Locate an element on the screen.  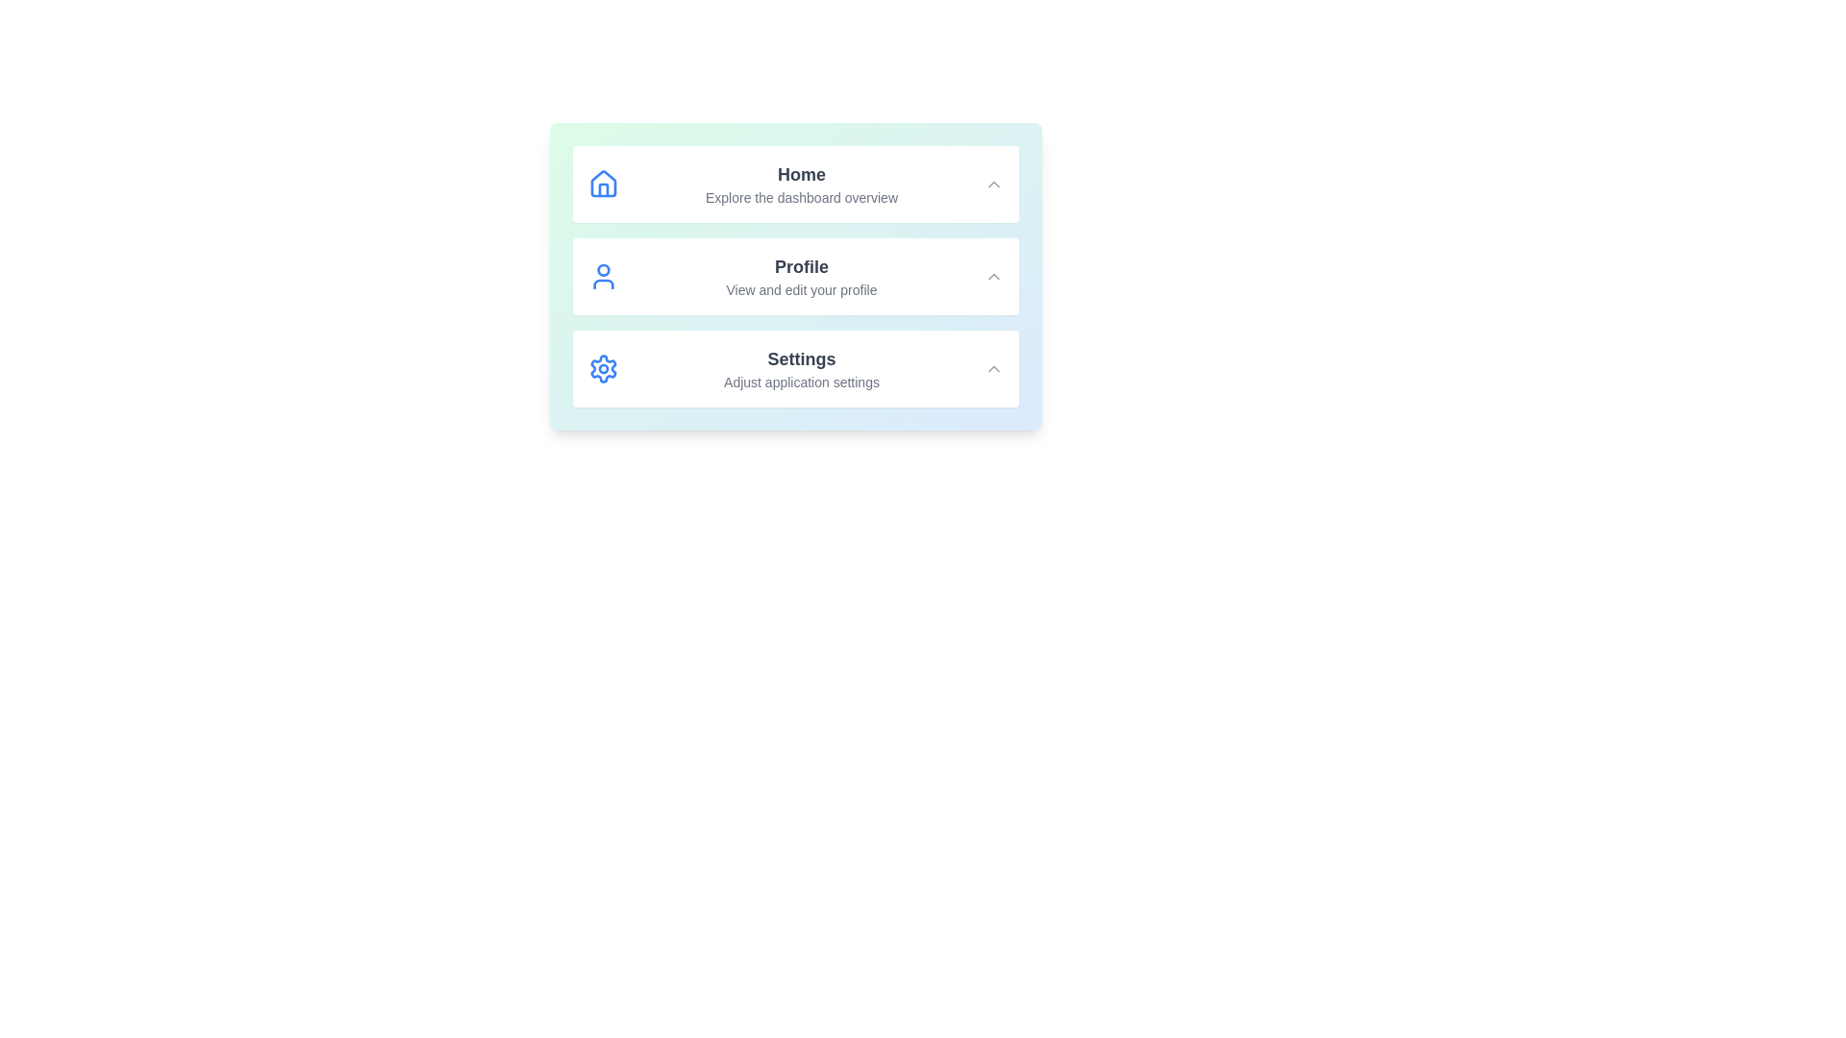
the Settings section to observe the hover effect is located at coordinates (796, 369).